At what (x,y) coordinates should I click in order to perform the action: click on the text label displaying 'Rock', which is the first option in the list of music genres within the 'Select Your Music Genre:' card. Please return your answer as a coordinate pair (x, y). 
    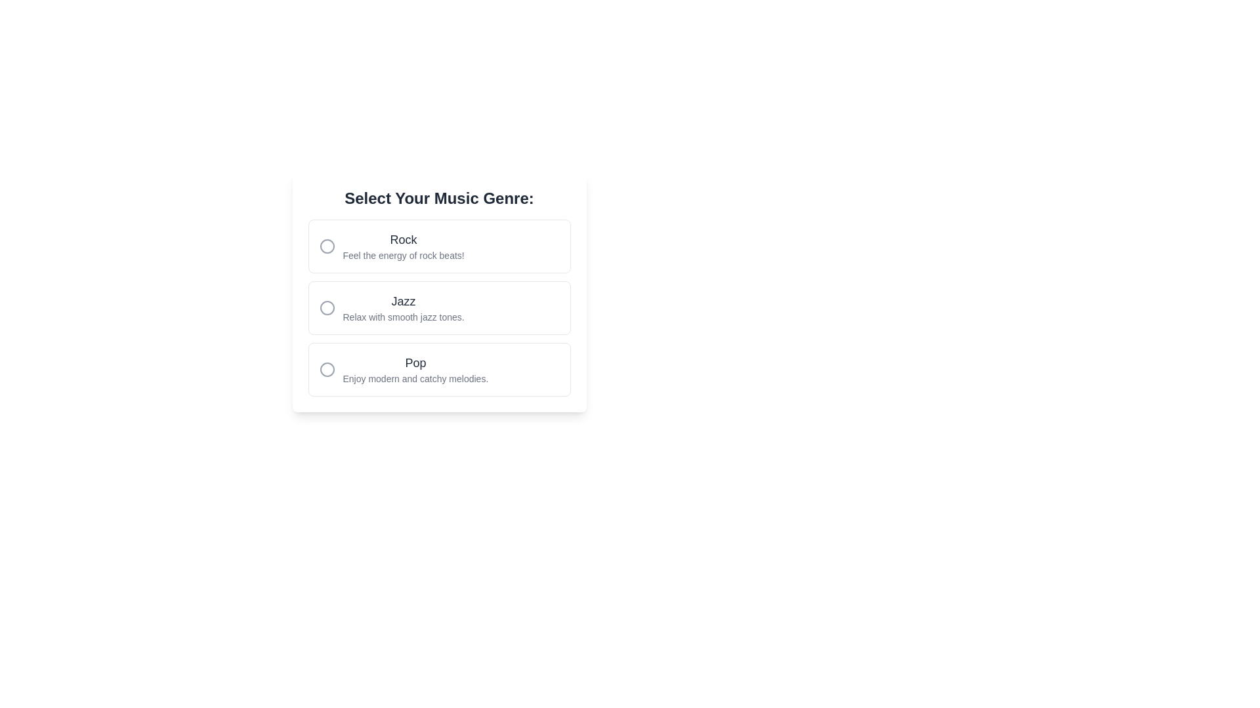
    Looking at the image, I should click on (403, 240).